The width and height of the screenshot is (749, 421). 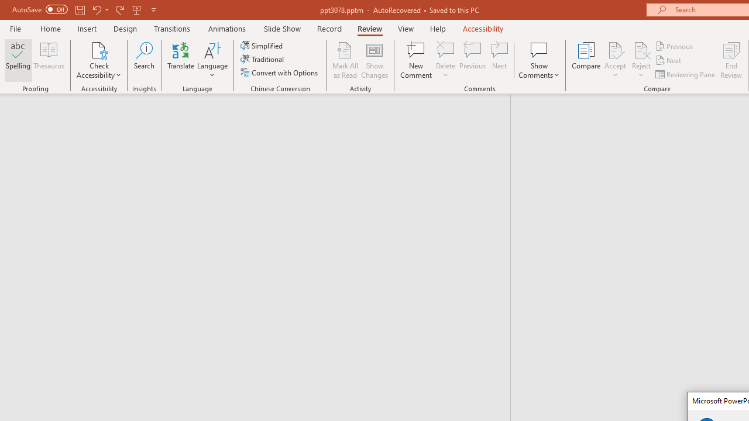 I want to click on 'Review', so click(x=369, y=28).